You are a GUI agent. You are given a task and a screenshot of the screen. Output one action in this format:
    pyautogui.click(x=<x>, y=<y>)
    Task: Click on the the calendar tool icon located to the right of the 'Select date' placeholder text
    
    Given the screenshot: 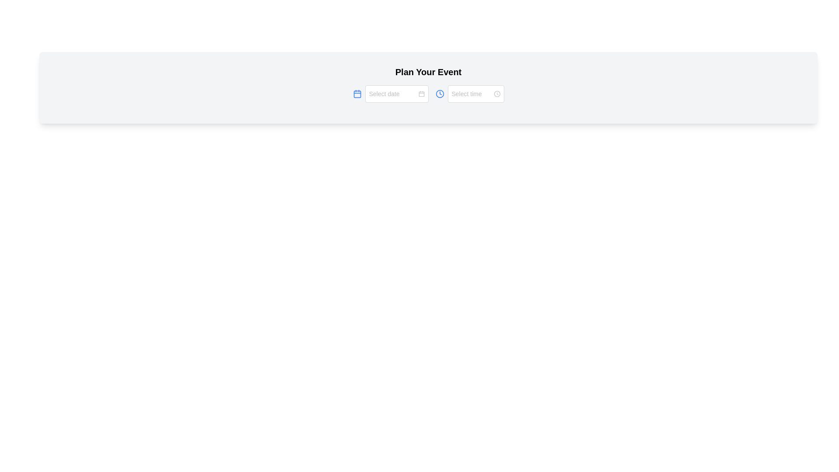 What is the action you would take?
    pyautogui.click(x=421, y=94)
    